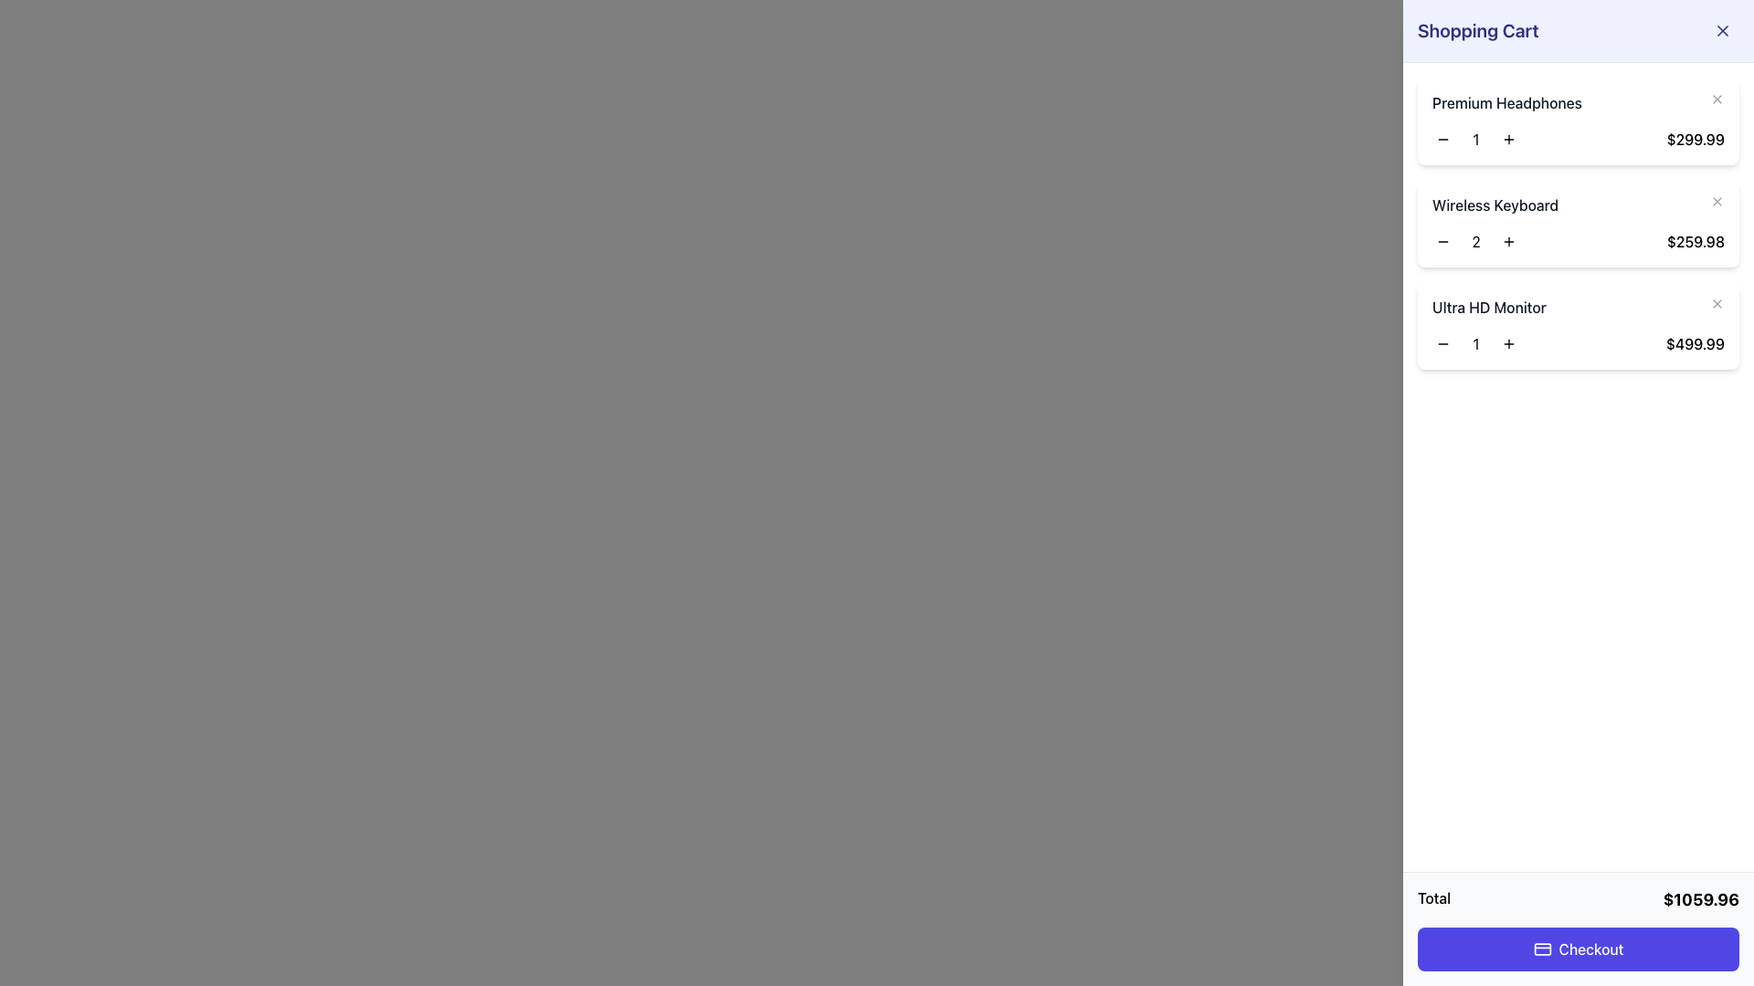  What do you see at coordinates (1508, 344) in the screenshot?
I see `the increment button for the 'Ultra HD Monitor' in the shopping cart` at bounding box center [1508, 344].